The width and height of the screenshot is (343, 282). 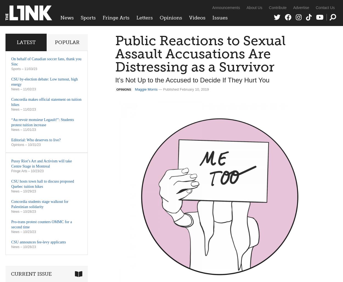 What do you see at coordinates (26, 42) in the screenshot?
I see `'Latest'` at bounding box center [26, 42].